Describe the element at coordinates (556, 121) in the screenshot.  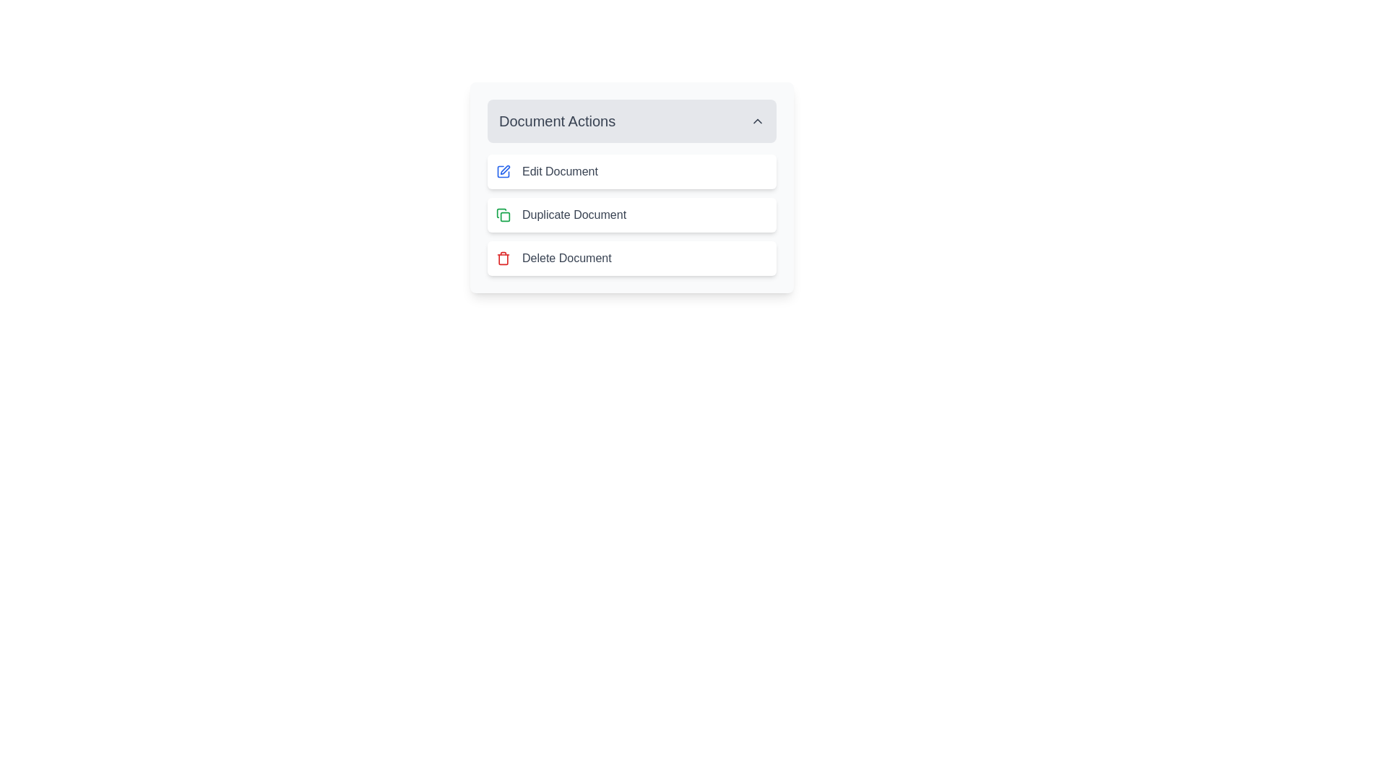
I see `the text label that serves as a header or title for a group of actions, positioned in the top-left section of a control panel card, to the left of an accordion toggle arrow icon` at that location.